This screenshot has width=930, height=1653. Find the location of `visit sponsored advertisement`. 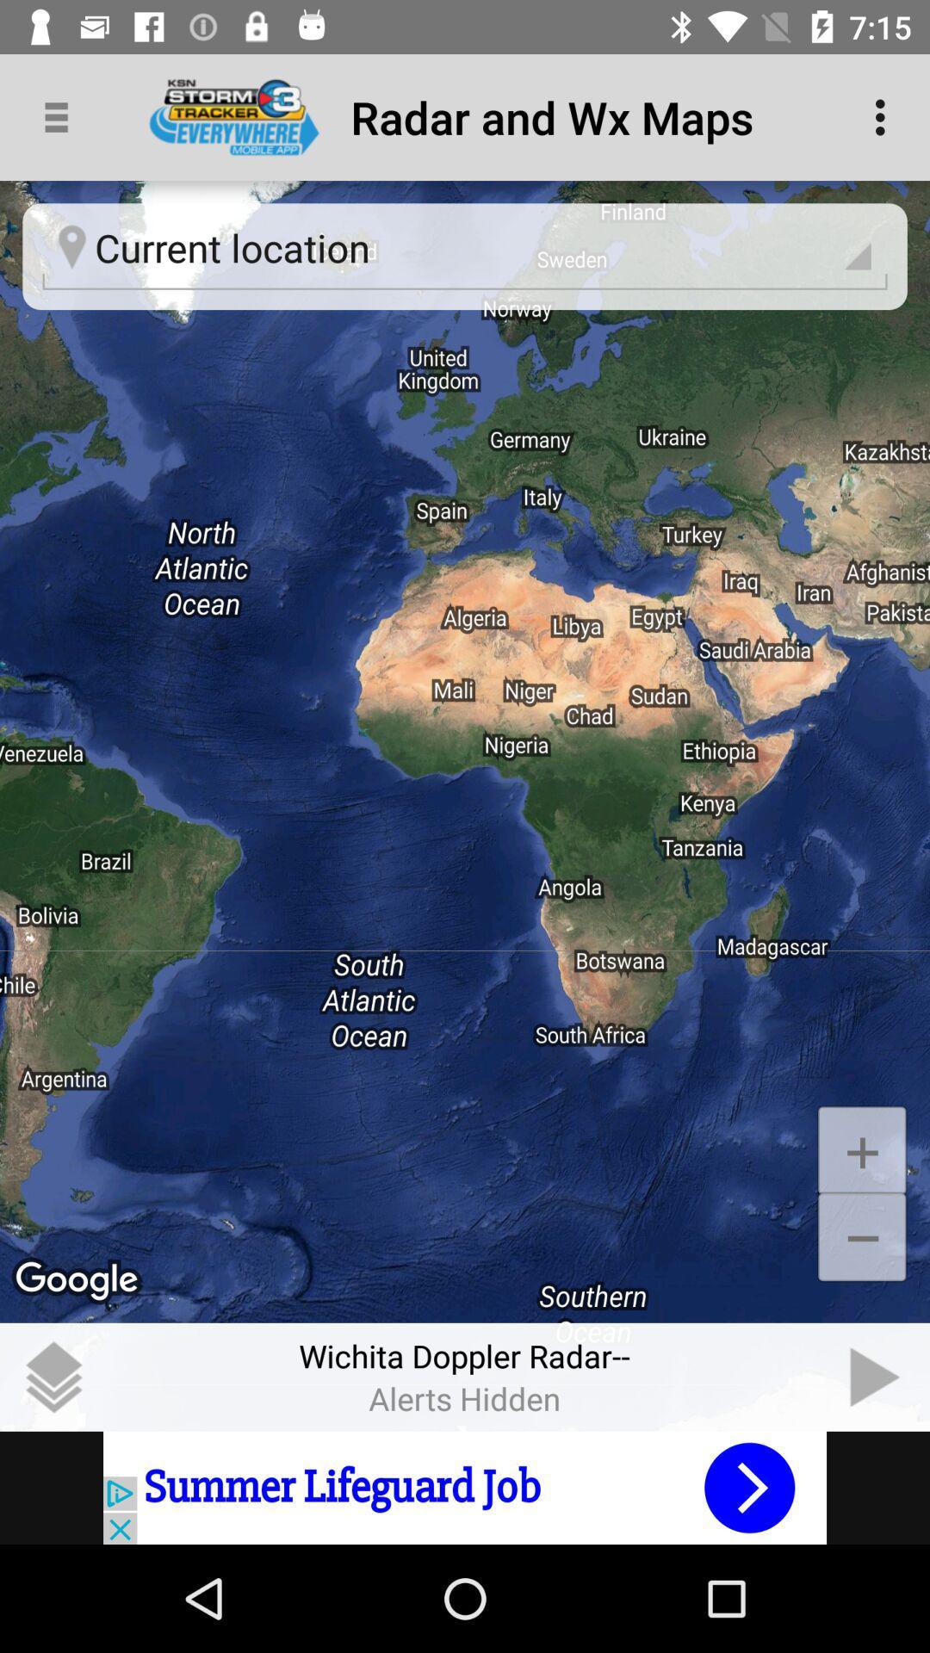

visit sponsored advertisement is located at coordinates (465, 1487).